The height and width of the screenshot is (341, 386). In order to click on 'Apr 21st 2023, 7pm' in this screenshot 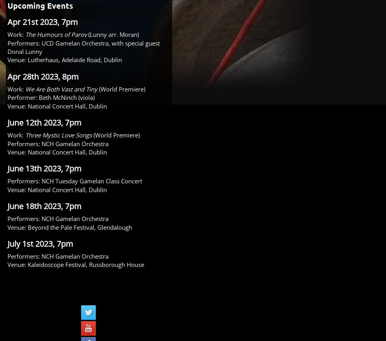, I will do `click(42, 22)`.